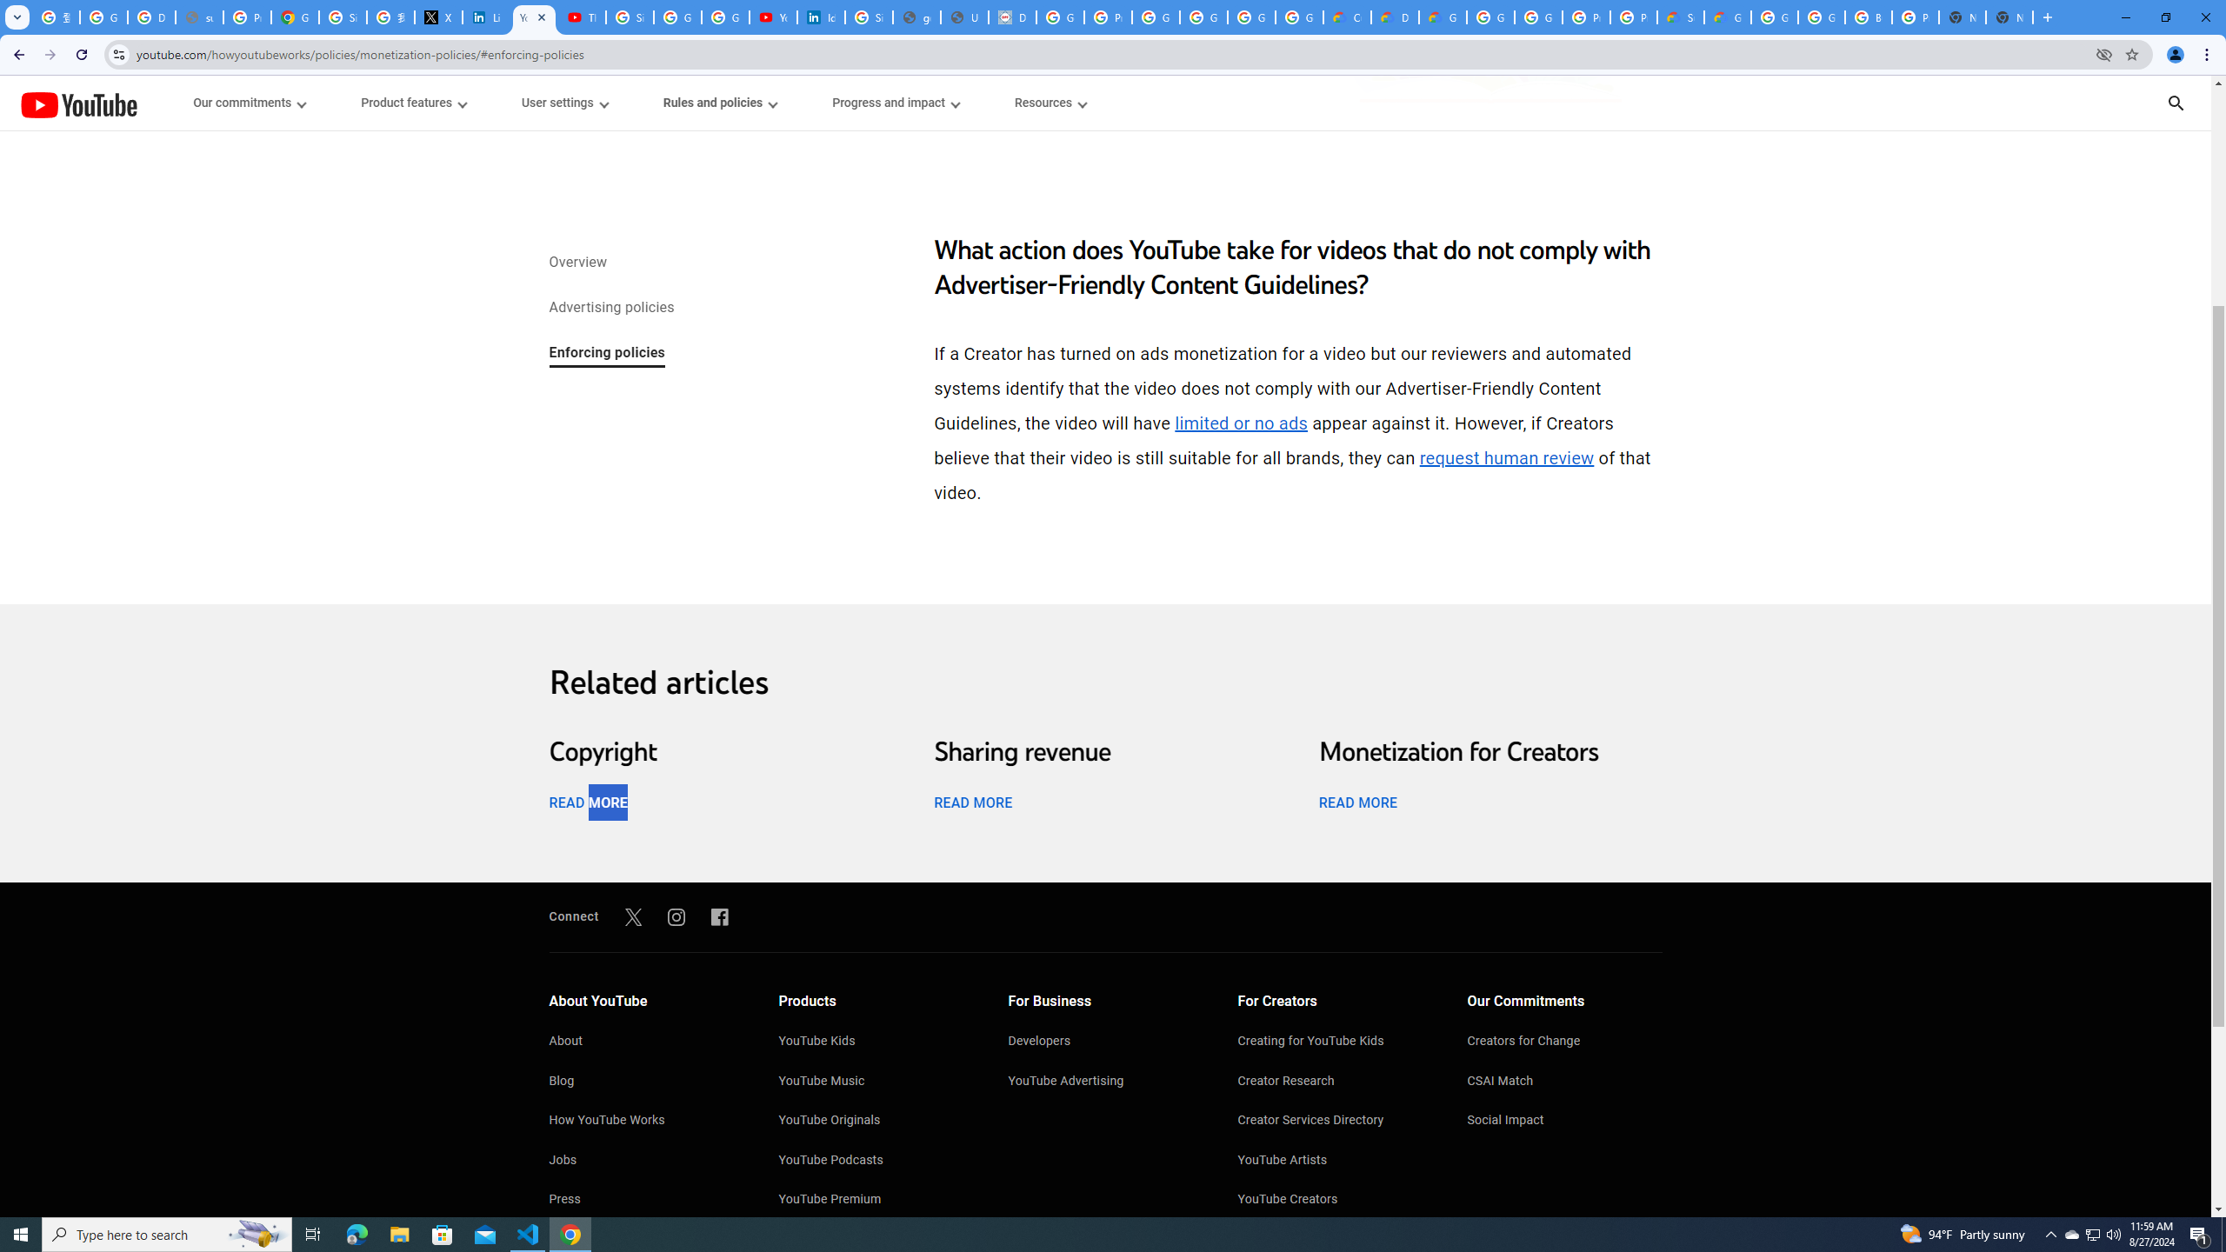 The height and width of the screenshot is (1252, 2226). Describe the element at coordinates (1537, 17) in the screenshot. I see `'Google Cloud Platform'` at that location.